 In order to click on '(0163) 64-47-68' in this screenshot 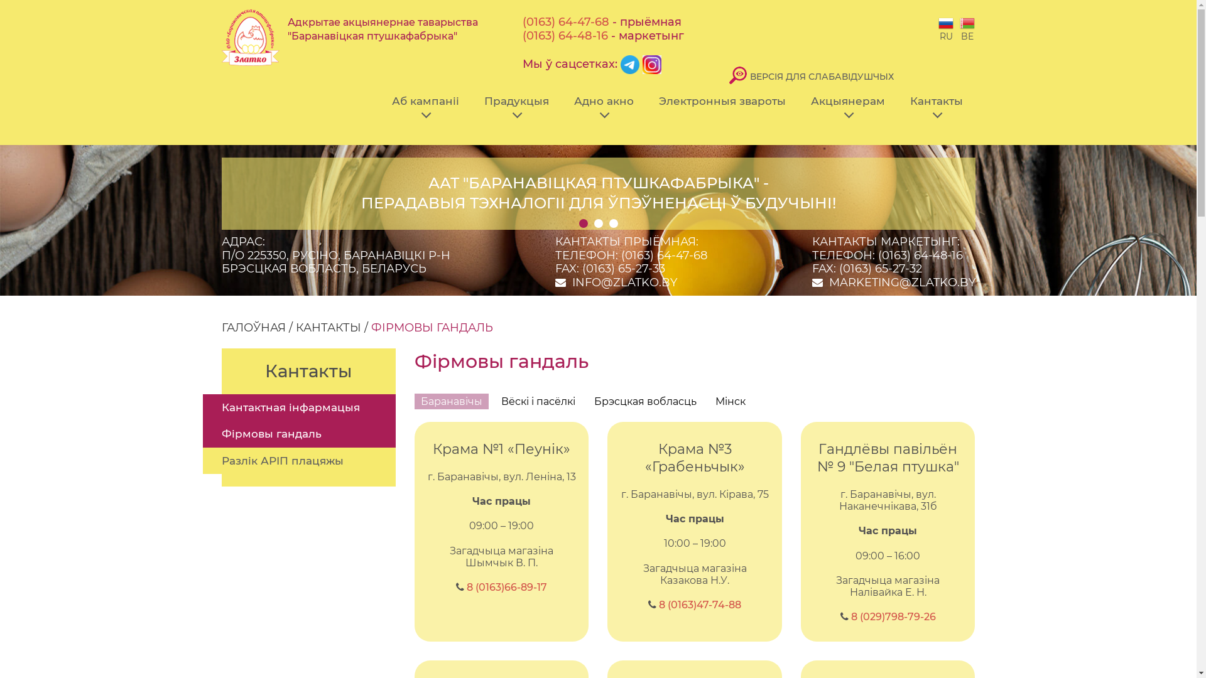, I will do `click(565, 21)`.